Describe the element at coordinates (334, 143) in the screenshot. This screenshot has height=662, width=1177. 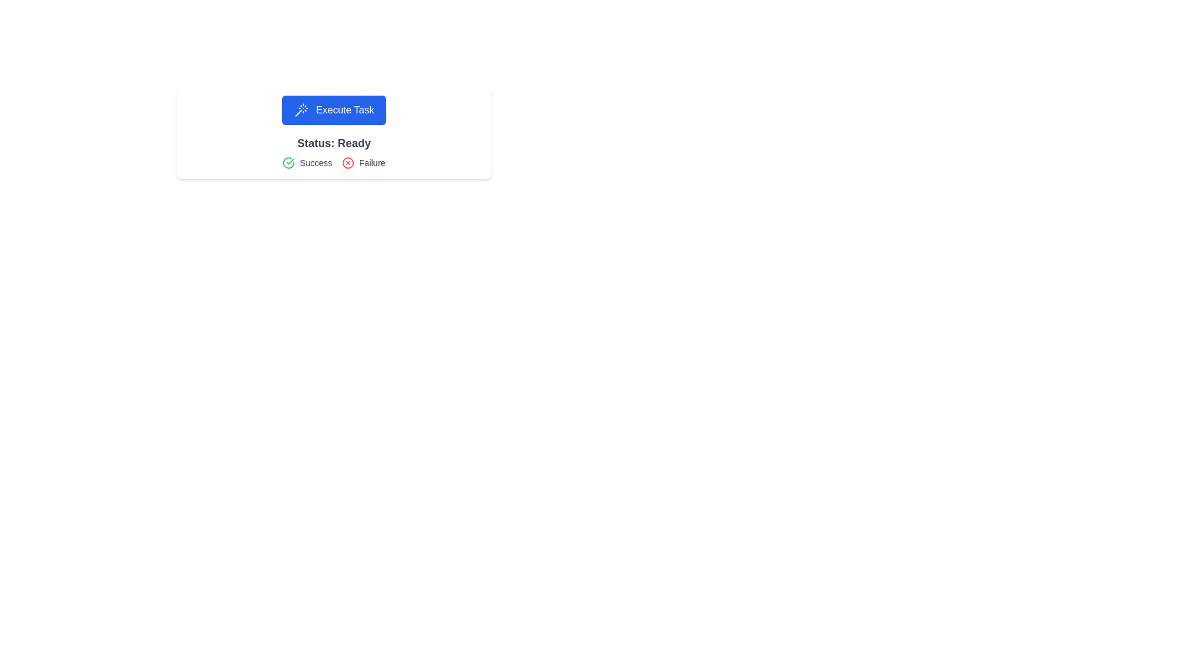
I see `the 'Status: Ready' text label, which is centrally located below the 'Execute Task' button and above the 'Success' and 'Failure' indicators` at that location.